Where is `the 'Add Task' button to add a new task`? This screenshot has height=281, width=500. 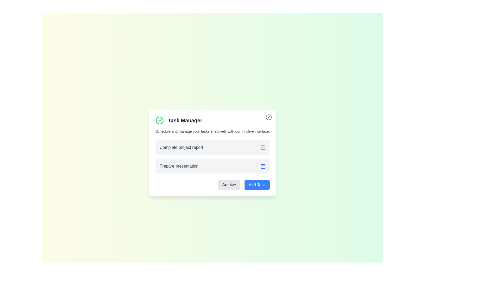
the 'Add Task' button to add a new task is located at coordinates (257, 184).